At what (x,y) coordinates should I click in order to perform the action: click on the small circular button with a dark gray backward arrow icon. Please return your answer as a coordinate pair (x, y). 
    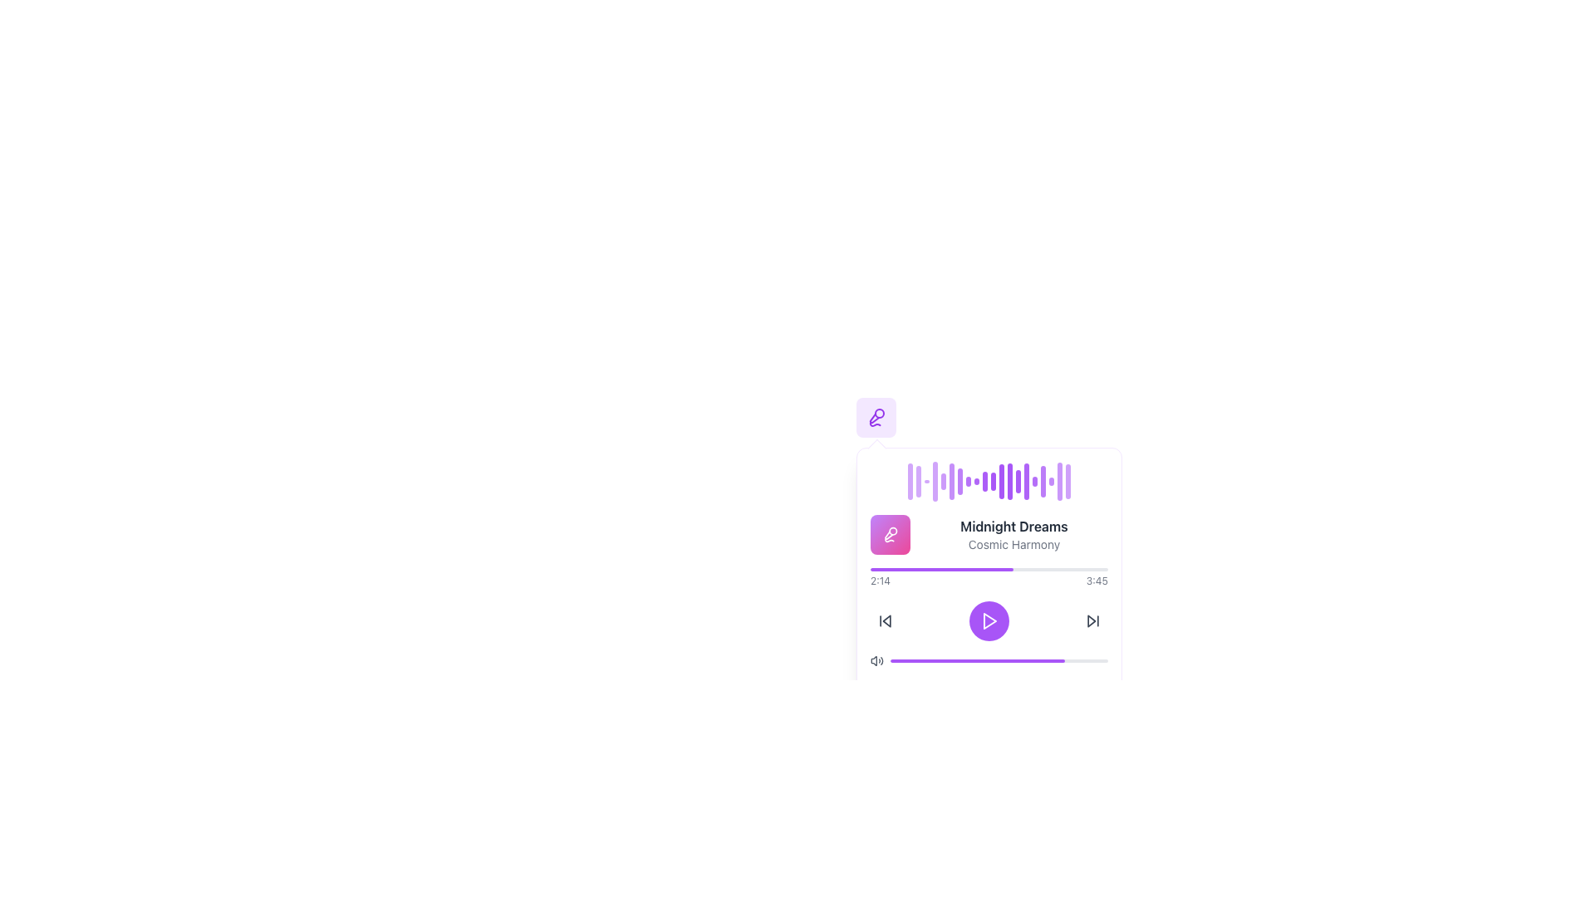
    Looking at the image, I should click on (884, 621).